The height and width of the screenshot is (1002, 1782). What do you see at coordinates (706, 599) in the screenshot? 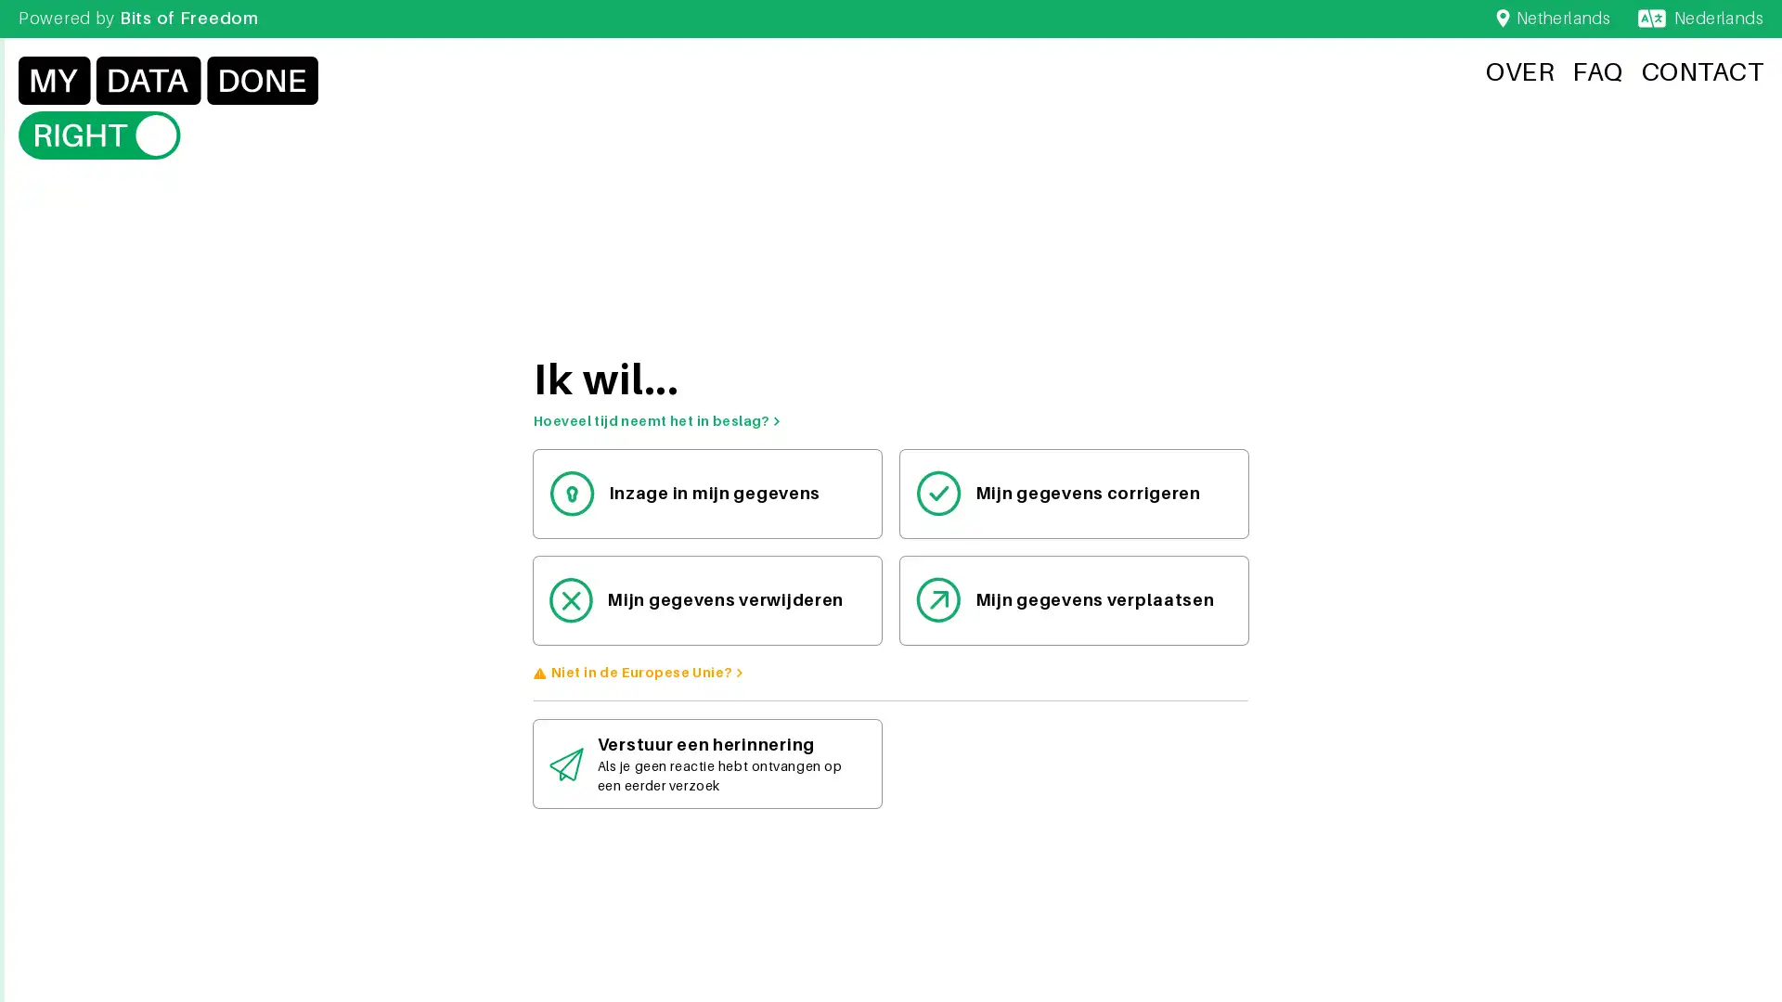
I see `Mijn gegevens verwijderen` at bounding box center [706, 599].